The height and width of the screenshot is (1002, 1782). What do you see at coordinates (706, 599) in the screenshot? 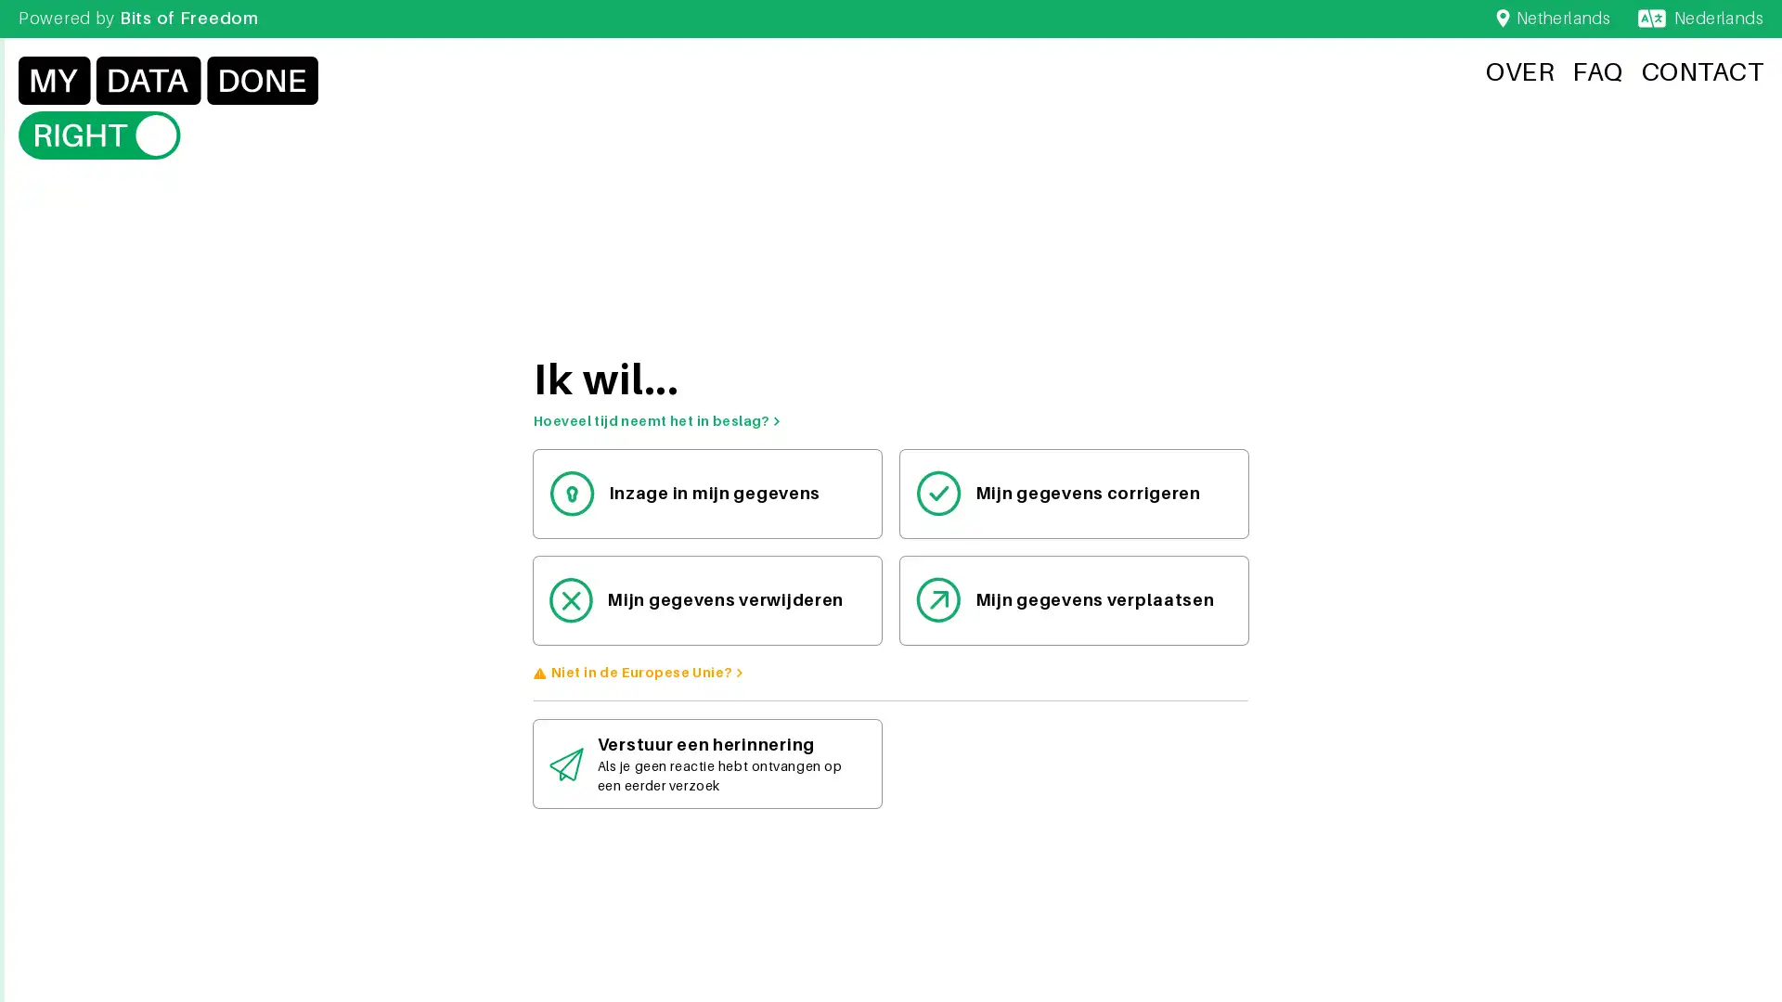
I see `Mijn gegevens verwijderen` at bounding box center [706, 599].